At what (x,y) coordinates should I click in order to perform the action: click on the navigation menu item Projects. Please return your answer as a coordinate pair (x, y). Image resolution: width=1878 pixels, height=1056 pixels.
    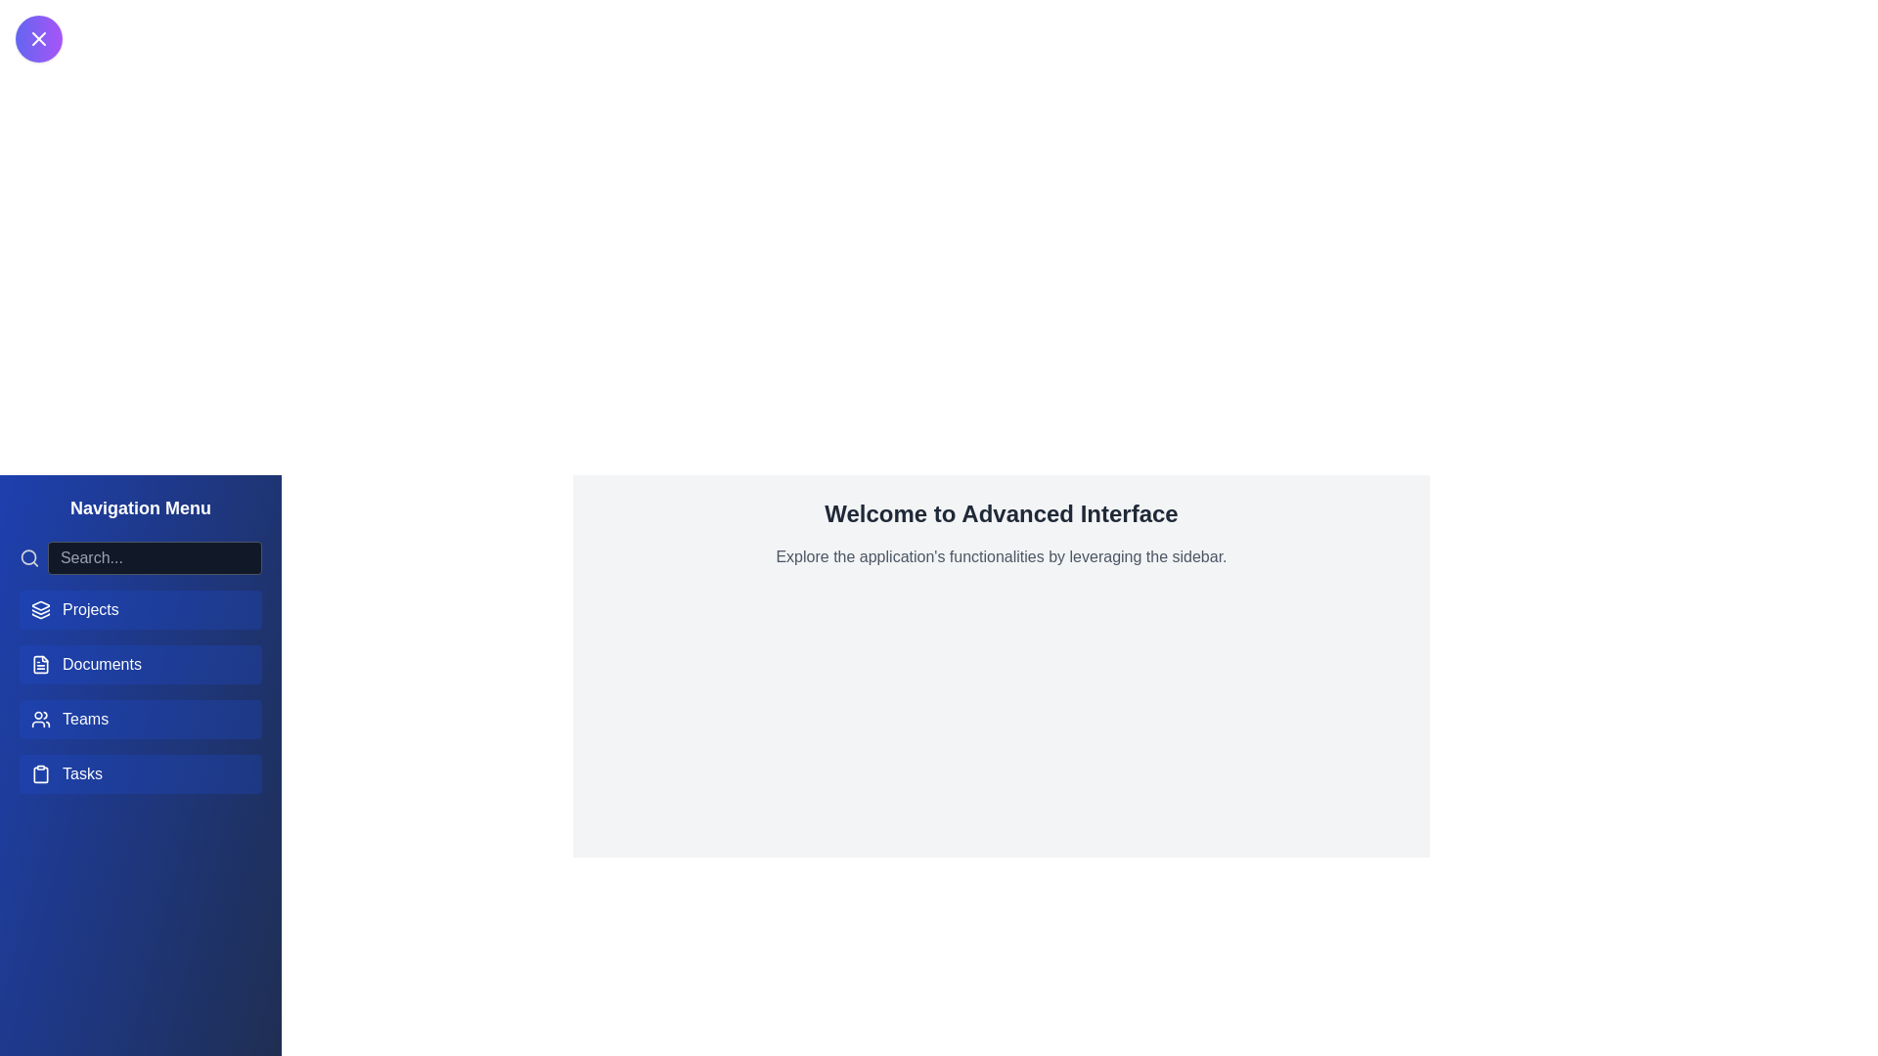
    Looking at the image, I should click on (140, 609).